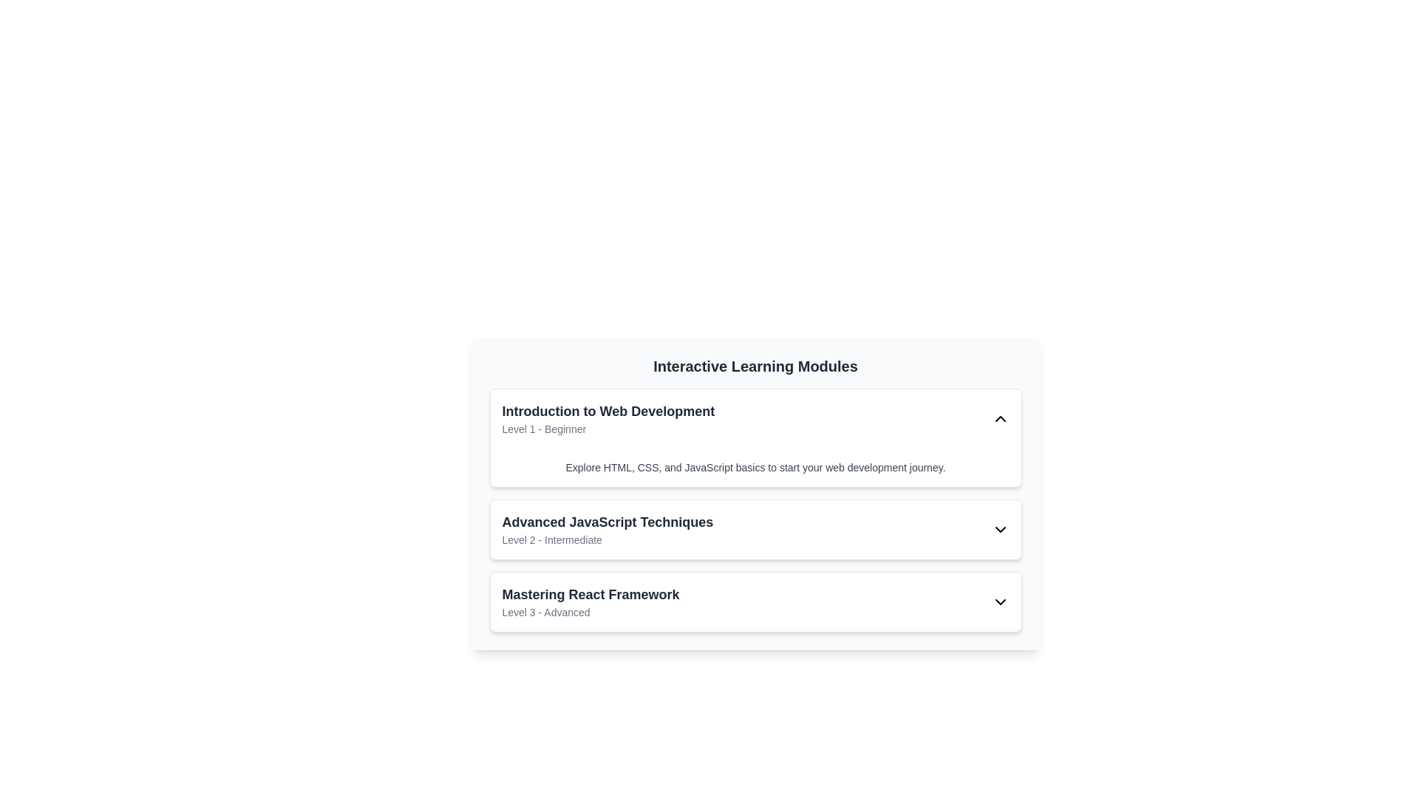 Image resolution: width=1419 pixels, height=798 pixels. I want to click on the downward chevron icon at the far-right of the 'Mastering React Framework Level 3 - Advanced' row, so click(1000, 601).